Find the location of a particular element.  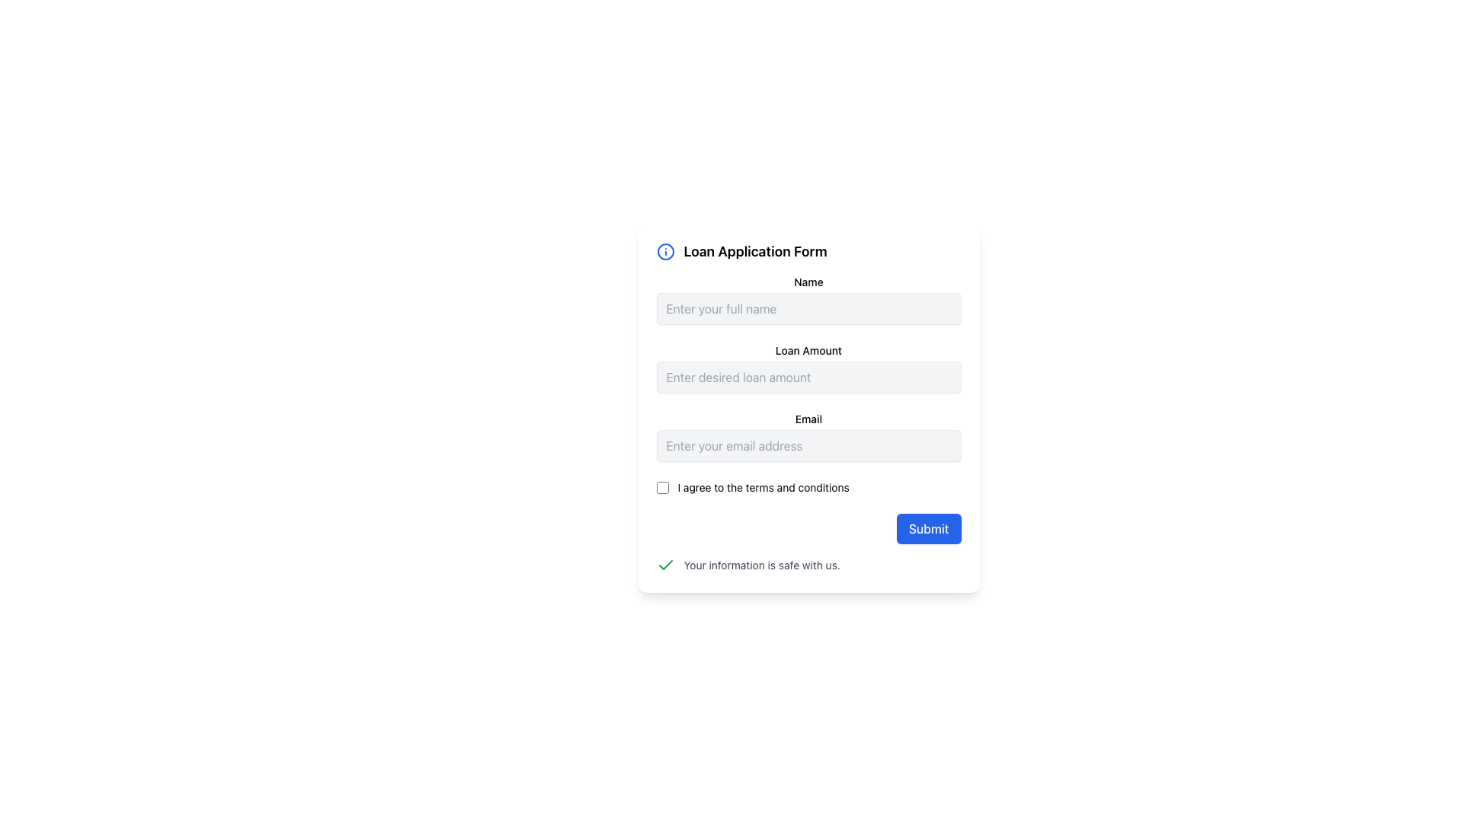

the outermost circular graphical icon with a blue border and white fill, located to the left of the 'Loan Application Form' header text is located at coordinates (665, 251).